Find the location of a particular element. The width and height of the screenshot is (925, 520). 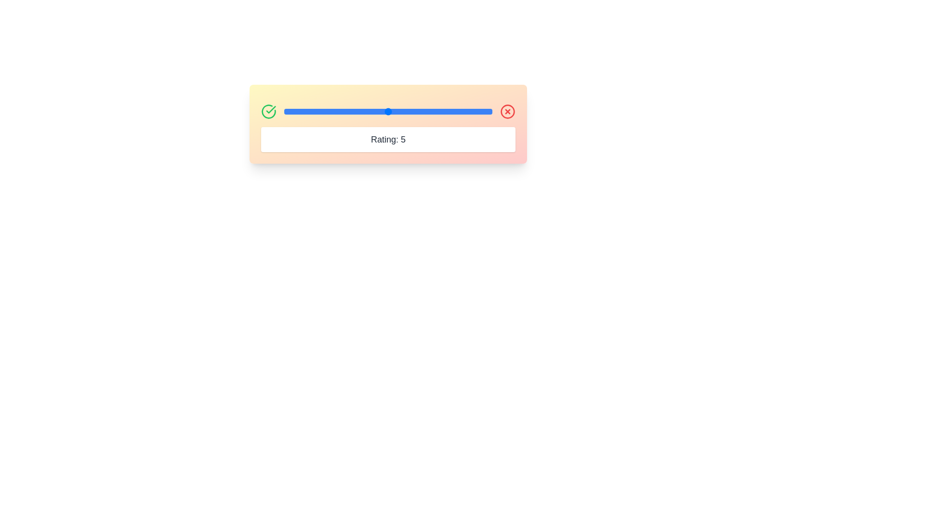

the rating is located at coordinates (471, 111).